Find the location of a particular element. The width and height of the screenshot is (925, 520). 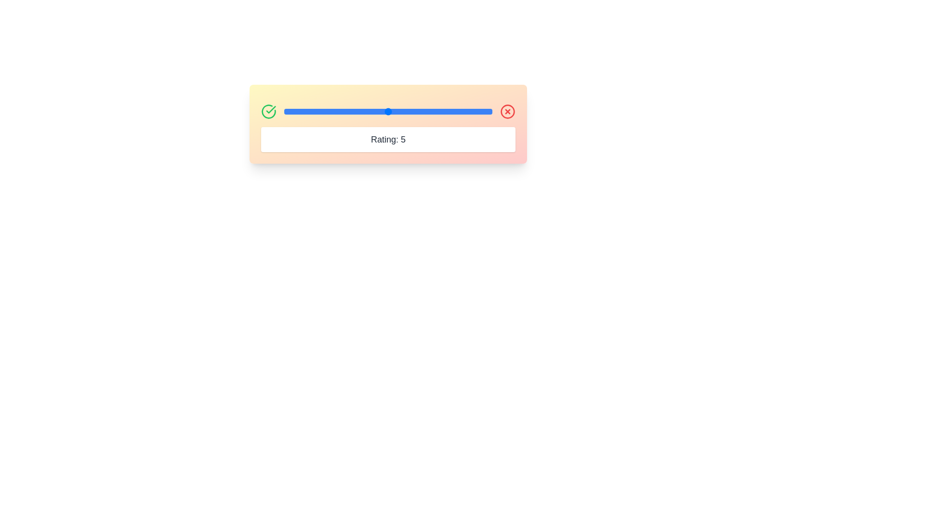

the rating is located at coordinates (471, 111).